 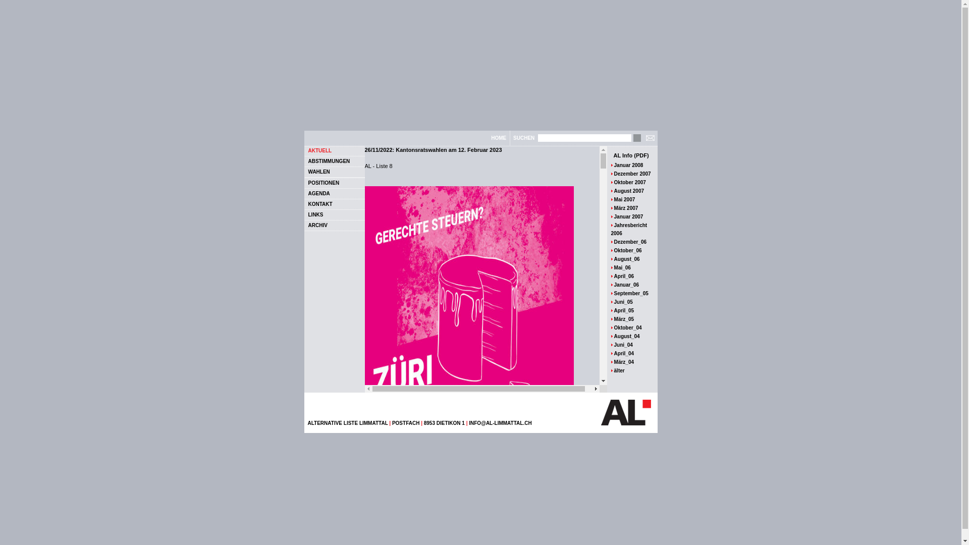 I want to click on 'April_04', so click(x=623, y=352).